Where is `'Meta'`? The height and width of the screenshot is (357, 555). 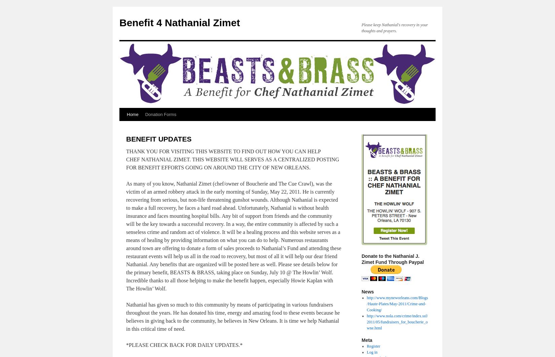
'Meta' is located at coordinates (367, 340).